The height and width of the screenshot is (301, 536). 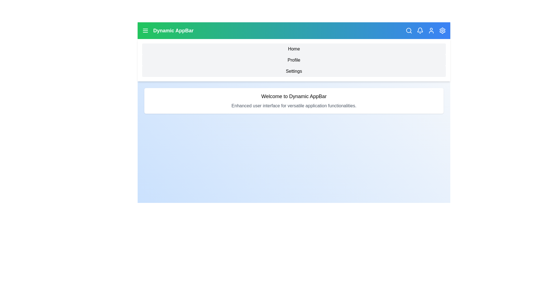 I want to click on the sidebar menu item labeled Home, so click(x=293, y=49).